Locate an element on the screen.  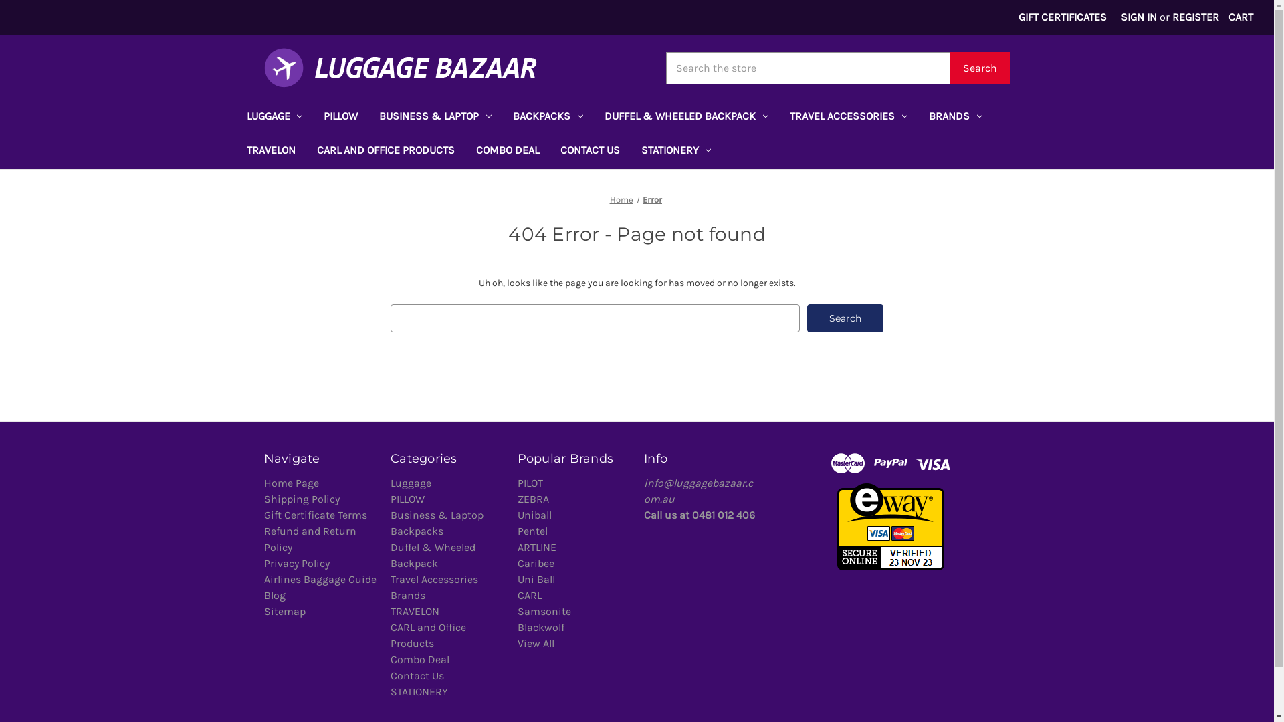
'PILOT' is located at coordinates (529, 483).